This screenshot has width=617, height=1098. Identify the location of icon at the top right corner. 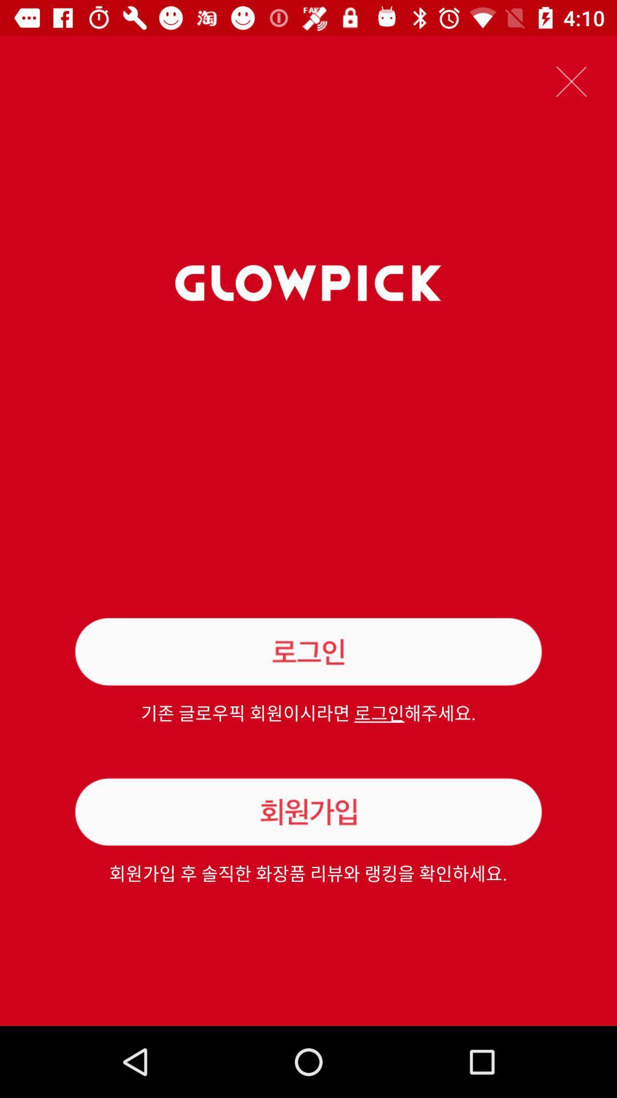
(571, 81).